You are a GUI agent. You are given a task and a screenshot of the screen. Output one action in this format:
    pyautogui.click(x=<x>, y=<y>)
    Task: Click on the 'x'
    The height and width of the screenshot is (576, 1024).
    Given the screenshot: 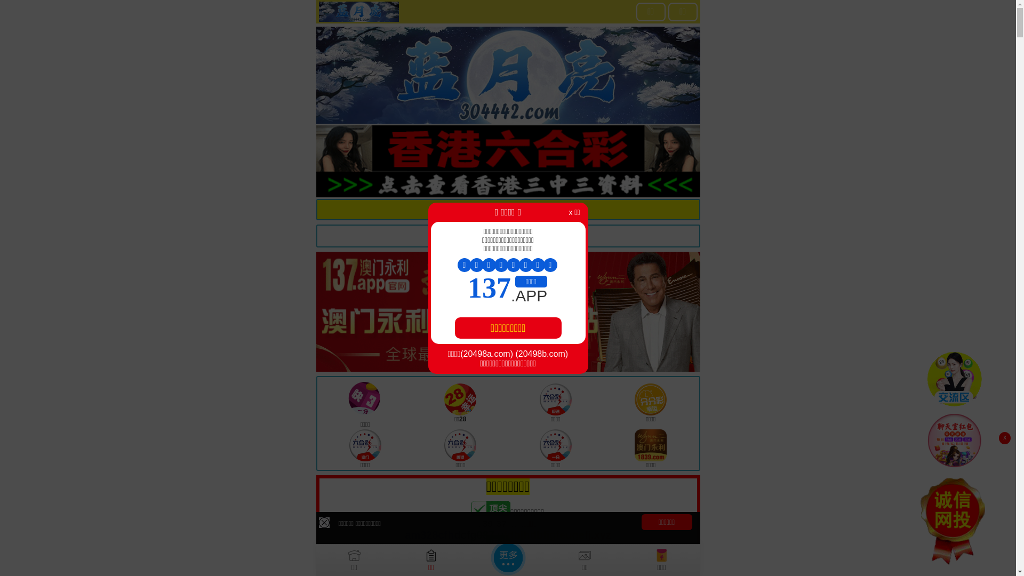 What is the action you would take?
    pyautogui.click(x=1004, y=438)
    